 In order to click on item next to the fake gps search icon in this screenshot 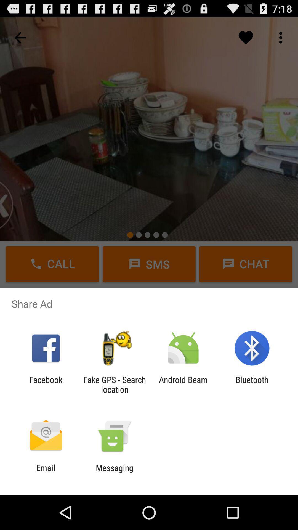, I will do `click(46, 384)`.